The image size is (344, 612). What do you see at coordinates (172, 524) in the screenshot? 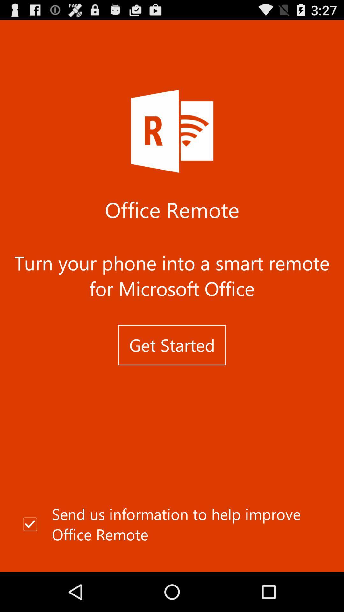
I see `send us information checkbox` at bounding box center [172, 524].